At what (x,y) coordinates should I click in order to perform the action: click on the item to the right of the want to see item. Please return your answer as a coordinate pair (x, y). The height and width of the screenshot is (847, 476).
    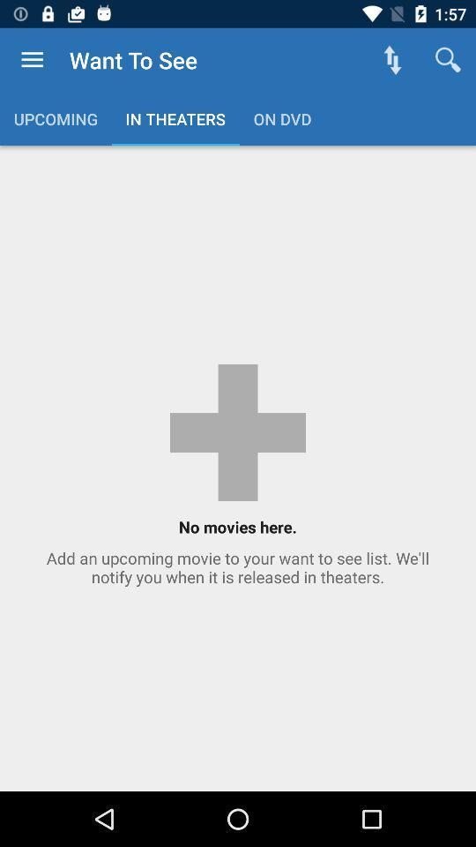
    Looking at the image, I should click on (392, 60).